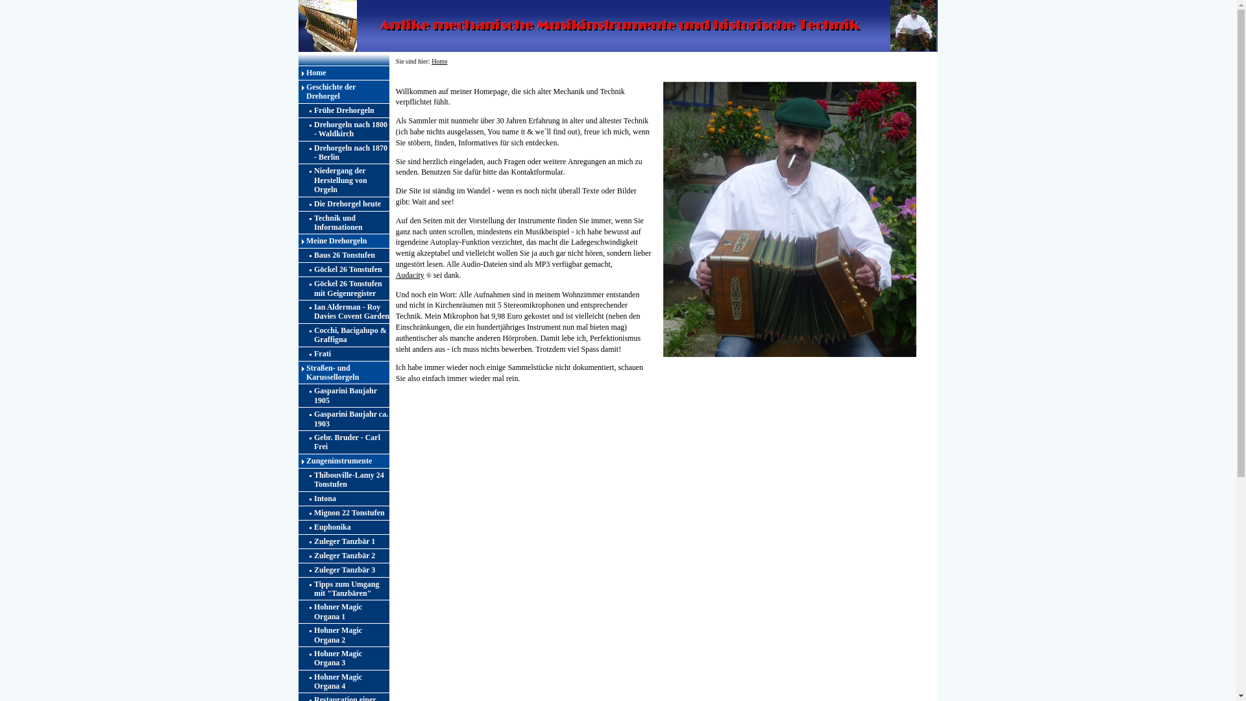  Describe the element at coordinates (439, 61) in the screenshot. I see `'Home'` at that location.